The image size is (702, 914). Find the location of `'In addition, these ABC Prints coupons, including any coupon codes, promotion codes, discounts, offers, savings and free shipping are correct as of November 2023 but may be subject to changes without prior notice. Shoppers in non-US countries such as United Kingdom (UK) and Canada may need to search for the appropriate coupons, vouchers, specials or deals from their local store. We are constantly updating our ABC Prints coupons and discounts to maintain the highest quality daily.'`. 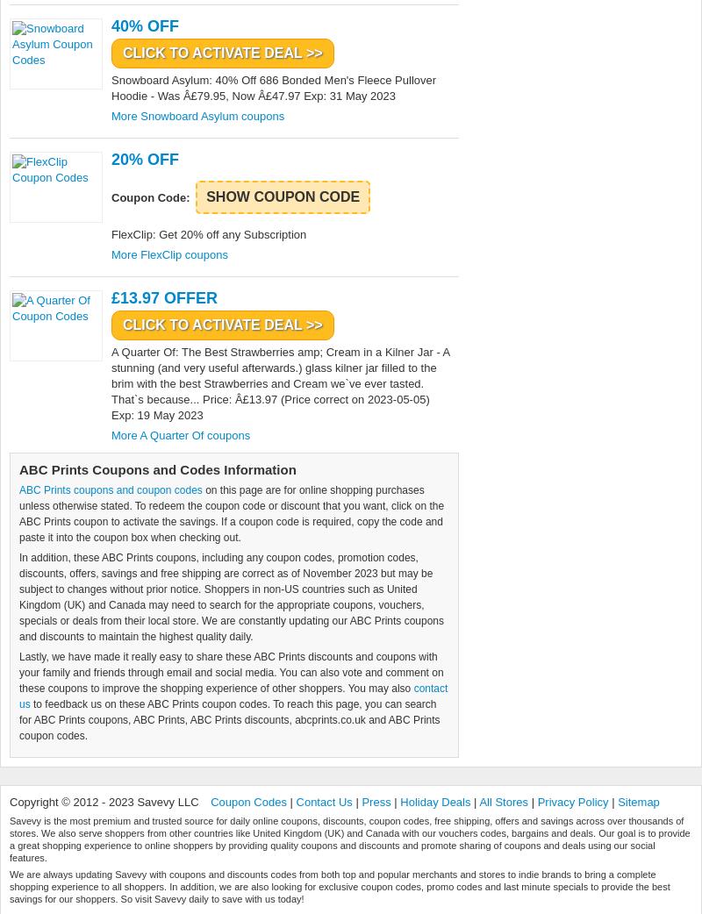

'In addition, these ABC Prints coupons, including any coupon codes, promotion codes, discounts, offers, savings and free shipping are correct as of November 2023 but may be subject to changes without prior notice. Shoppers in non-US countries such as United Kingdom (UK) and Canada may need to search for the appropriate coupons, vouchers, specials or deals from their local store. We are constantly updating our ABC Prints coupons and discounts to maintain the highest quality daily.' is located at coordinates (231, 597).